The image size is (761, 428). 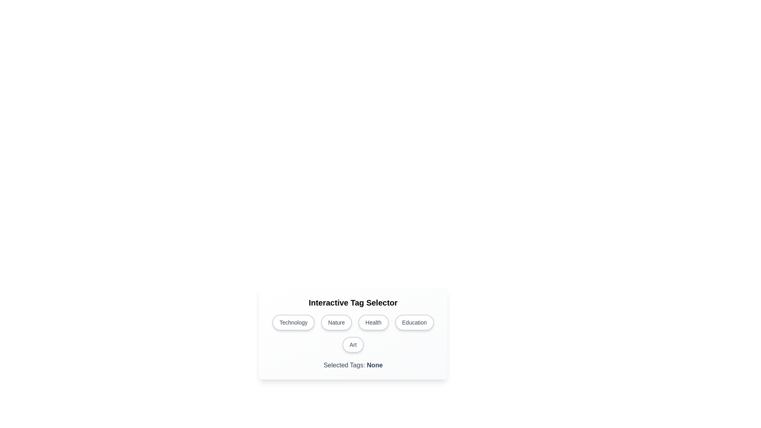 What do you see at coordinates (337, 322) in the screenshot?
I see `the Nature tag to select or deselect it` at bounding box center [337, 322].